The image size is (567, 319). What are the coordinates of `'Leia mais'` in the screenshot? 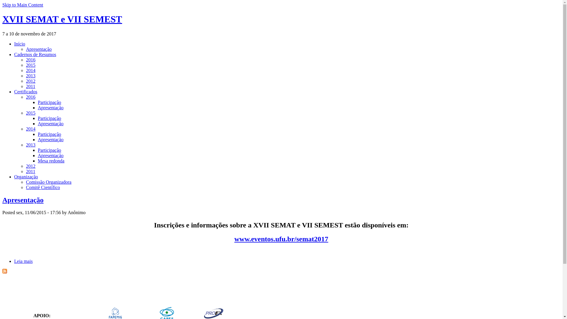 It's located at (23, 261).